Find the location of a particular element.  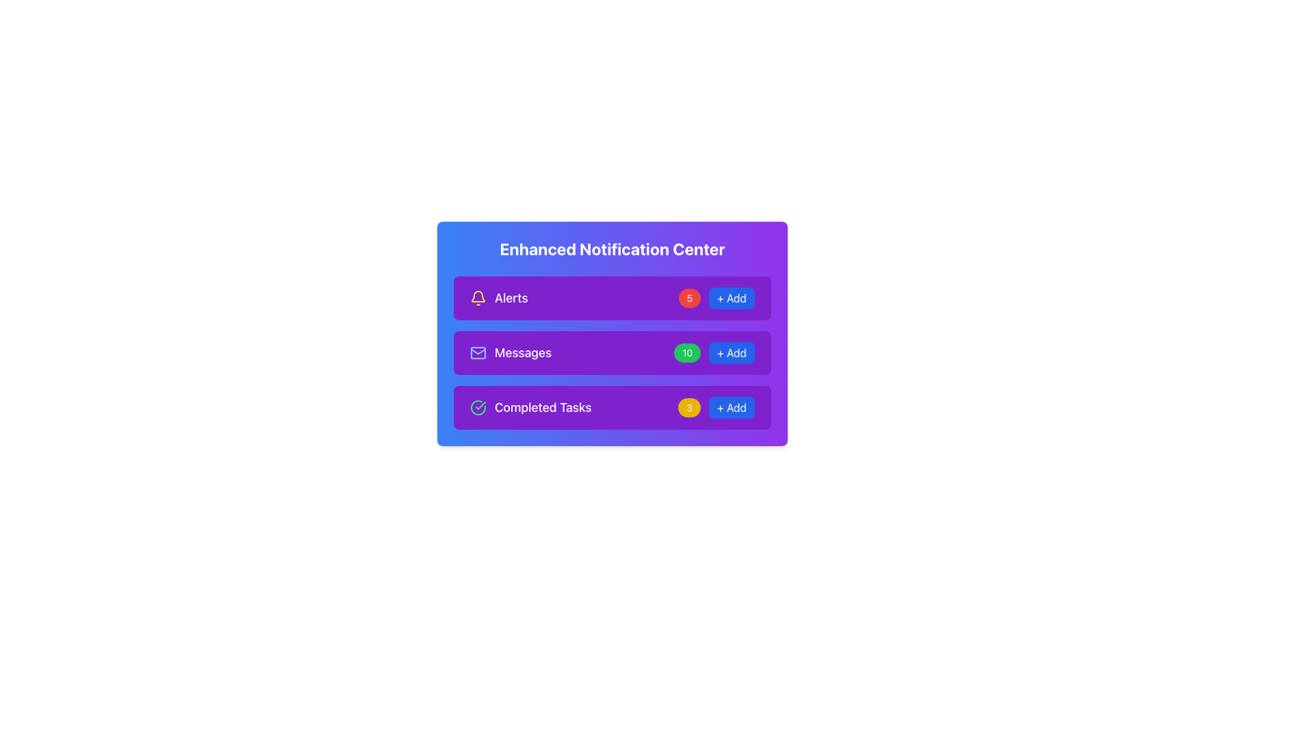

the Badge that displays the count of alerts, located in the Alerts section of the notification center, positioned between the 'Alerts' text label and the '+ Add' button is located at coordinates (689, 297).